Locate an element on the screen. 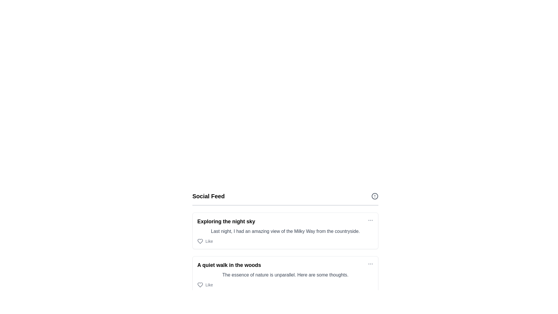  the status or warning icon located at the far right of the 'Social Feed' section header, horizontally aligned with the 'Social Feed' text is located at coordinates (375, 196).